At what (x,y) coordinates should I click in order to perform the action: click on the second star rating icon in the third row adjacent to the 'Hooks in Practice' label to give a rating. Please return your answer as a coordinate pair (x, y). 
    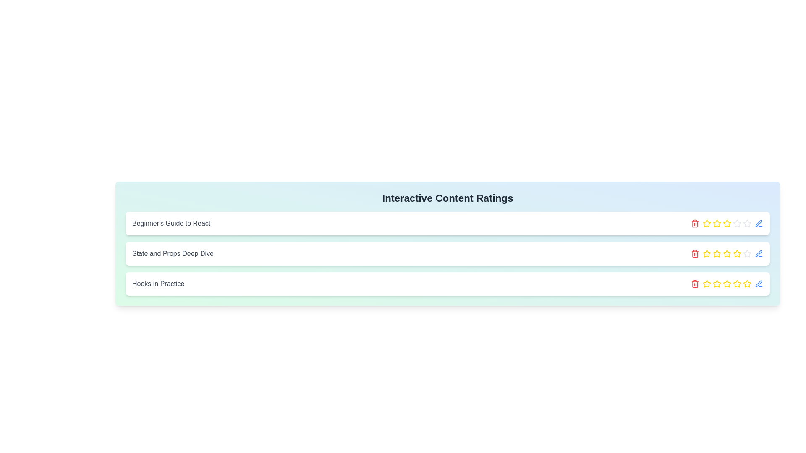
    Looking at the image, I should click on (716, 283).